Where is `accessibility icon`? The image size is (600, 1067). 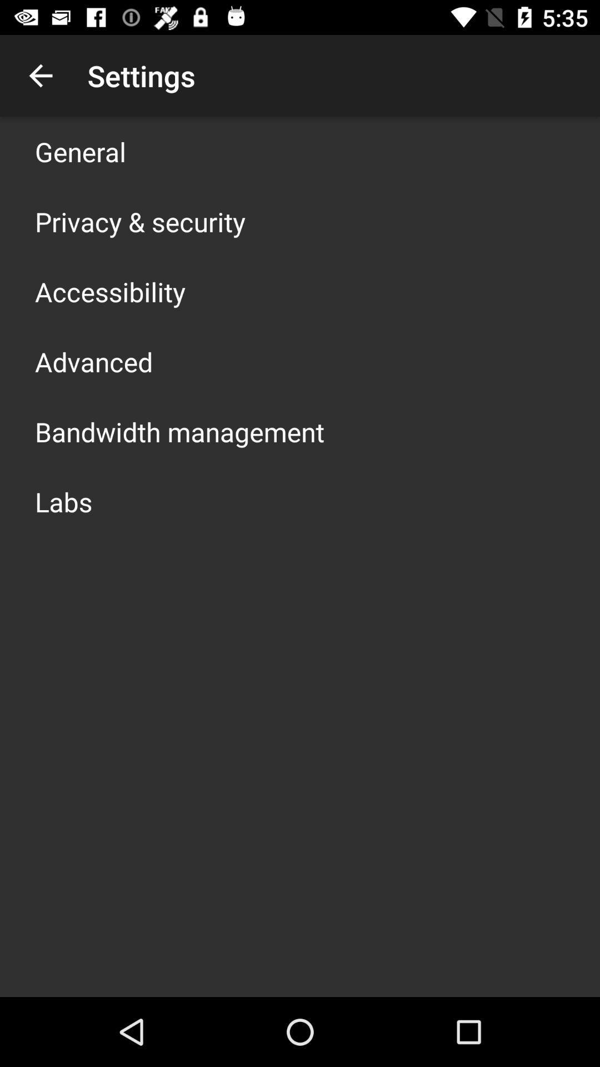
accessibility icon is located at coordinates (110, 291).